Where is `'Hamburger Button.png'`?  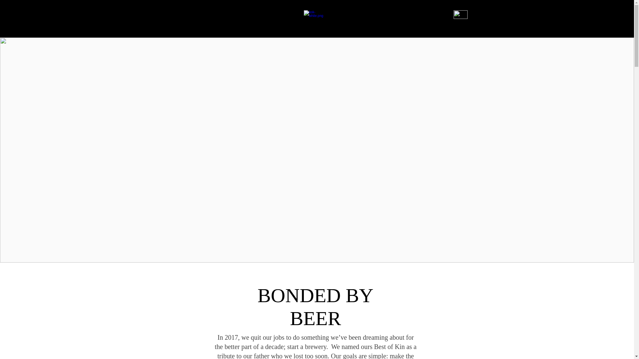 'Hamburger Button.png' is located at coordinates (453, 14).